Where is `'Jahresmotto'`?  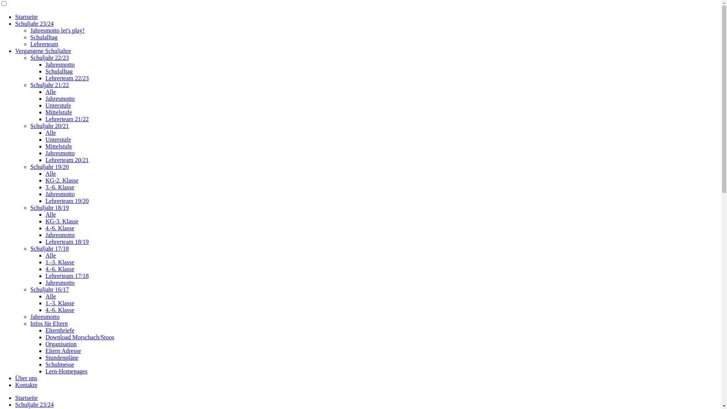
'Jahresmotto' is located at coordinates (45, 283).